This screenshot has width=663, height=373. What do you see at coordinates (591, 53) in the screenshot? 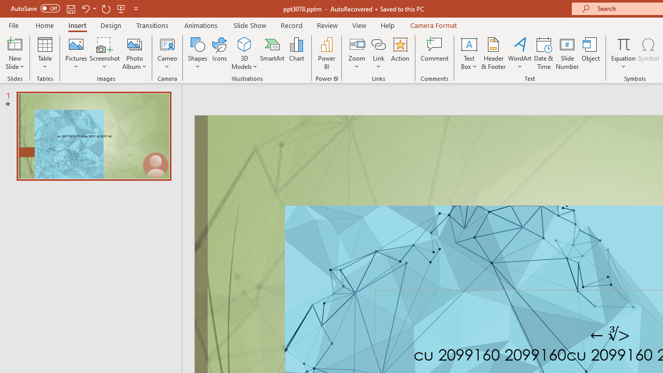
I see `'Object...'` at bounding box center [591, 53].